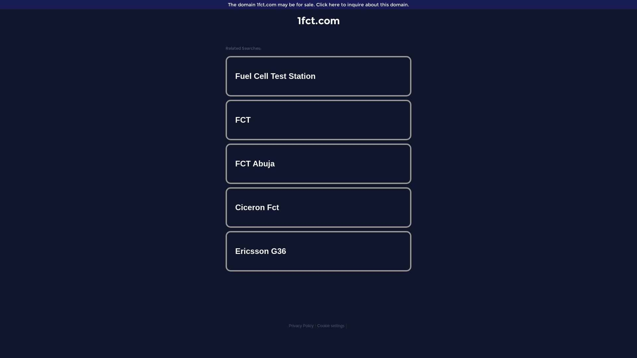 The height and width of the screenshot is (358, 637). What do you see at coordinates (318, 20) in the screenshot?
I see `'1fct.com'` at bounding box center [318, 20].